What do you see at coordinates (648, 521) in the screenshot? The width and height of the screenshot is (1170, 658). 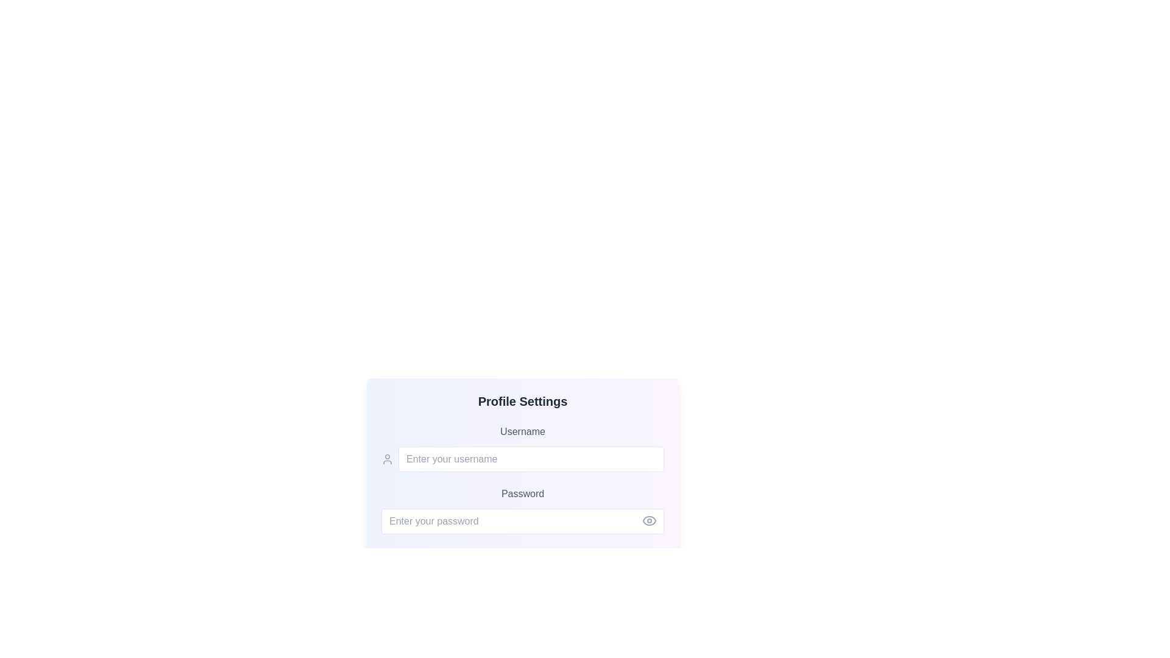 I see `the icon located to the far right of the 'Password' input field in the 'Profile Settings' panel` at bounding box center [648, 521].